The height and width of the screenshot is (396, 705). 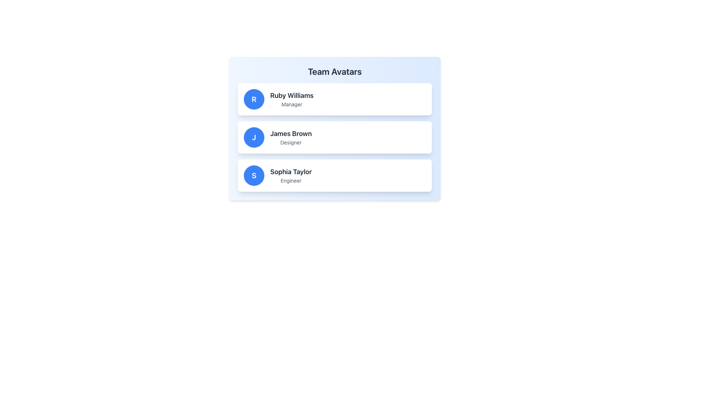 What do you see at coordinates (292, 99) in the screenshot?
I see `the static text block containing 'Ruby Williams' and 'Manager', which is positioned on the first row of the 'Team Avatars' section, to the right of the blue avatar with 'R'` at bounding box center [292, 99].